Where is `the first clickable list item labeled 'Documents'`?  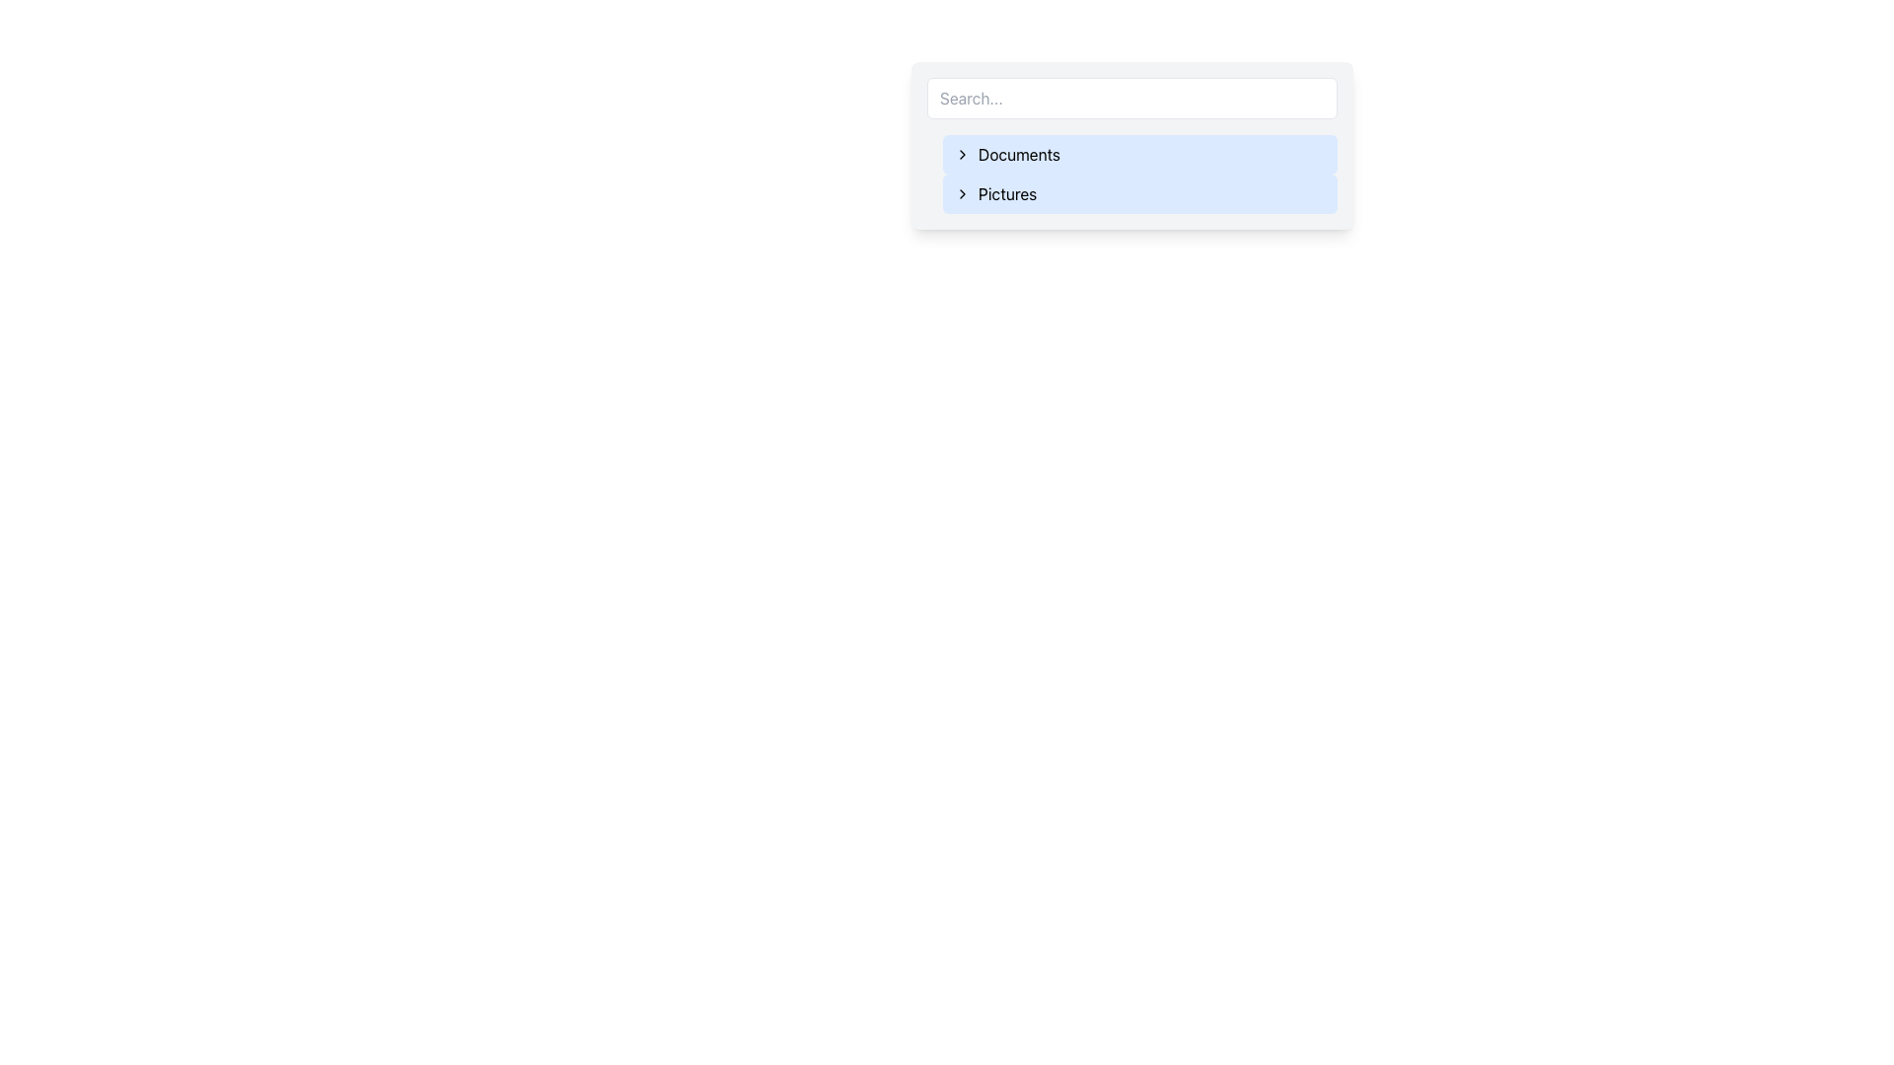 the first clickable list item labeled 'Documents' is located at coordinates (1140, 154).